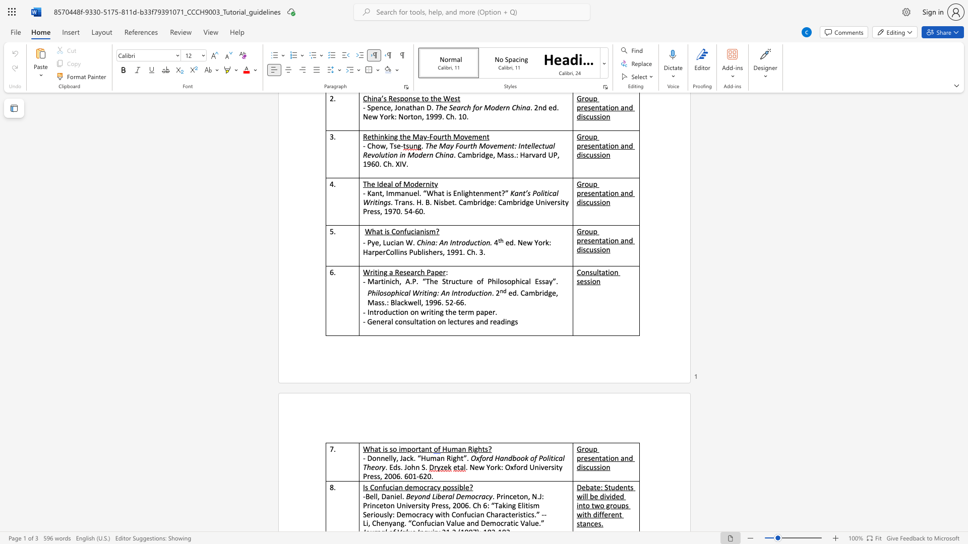 The height and width of the screenshot is (544, 968). What do you see at coordinates (410, 321) in the screenshot?
I see `the subset text "ultation on l" within the text "- General consultation on lectures and readings"` at bounding box center [410, 321].